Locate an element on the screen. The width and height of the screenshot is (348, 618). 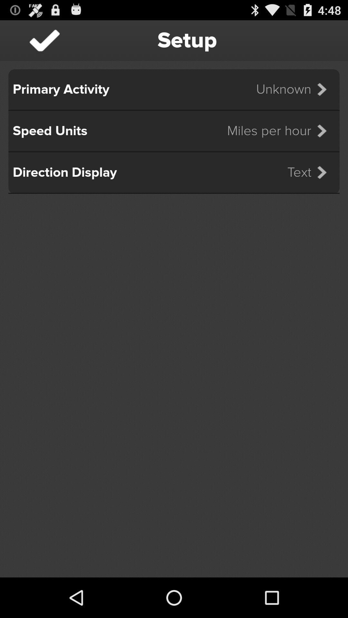
the icon next to speed units icon is located at coordinates (281, 131).